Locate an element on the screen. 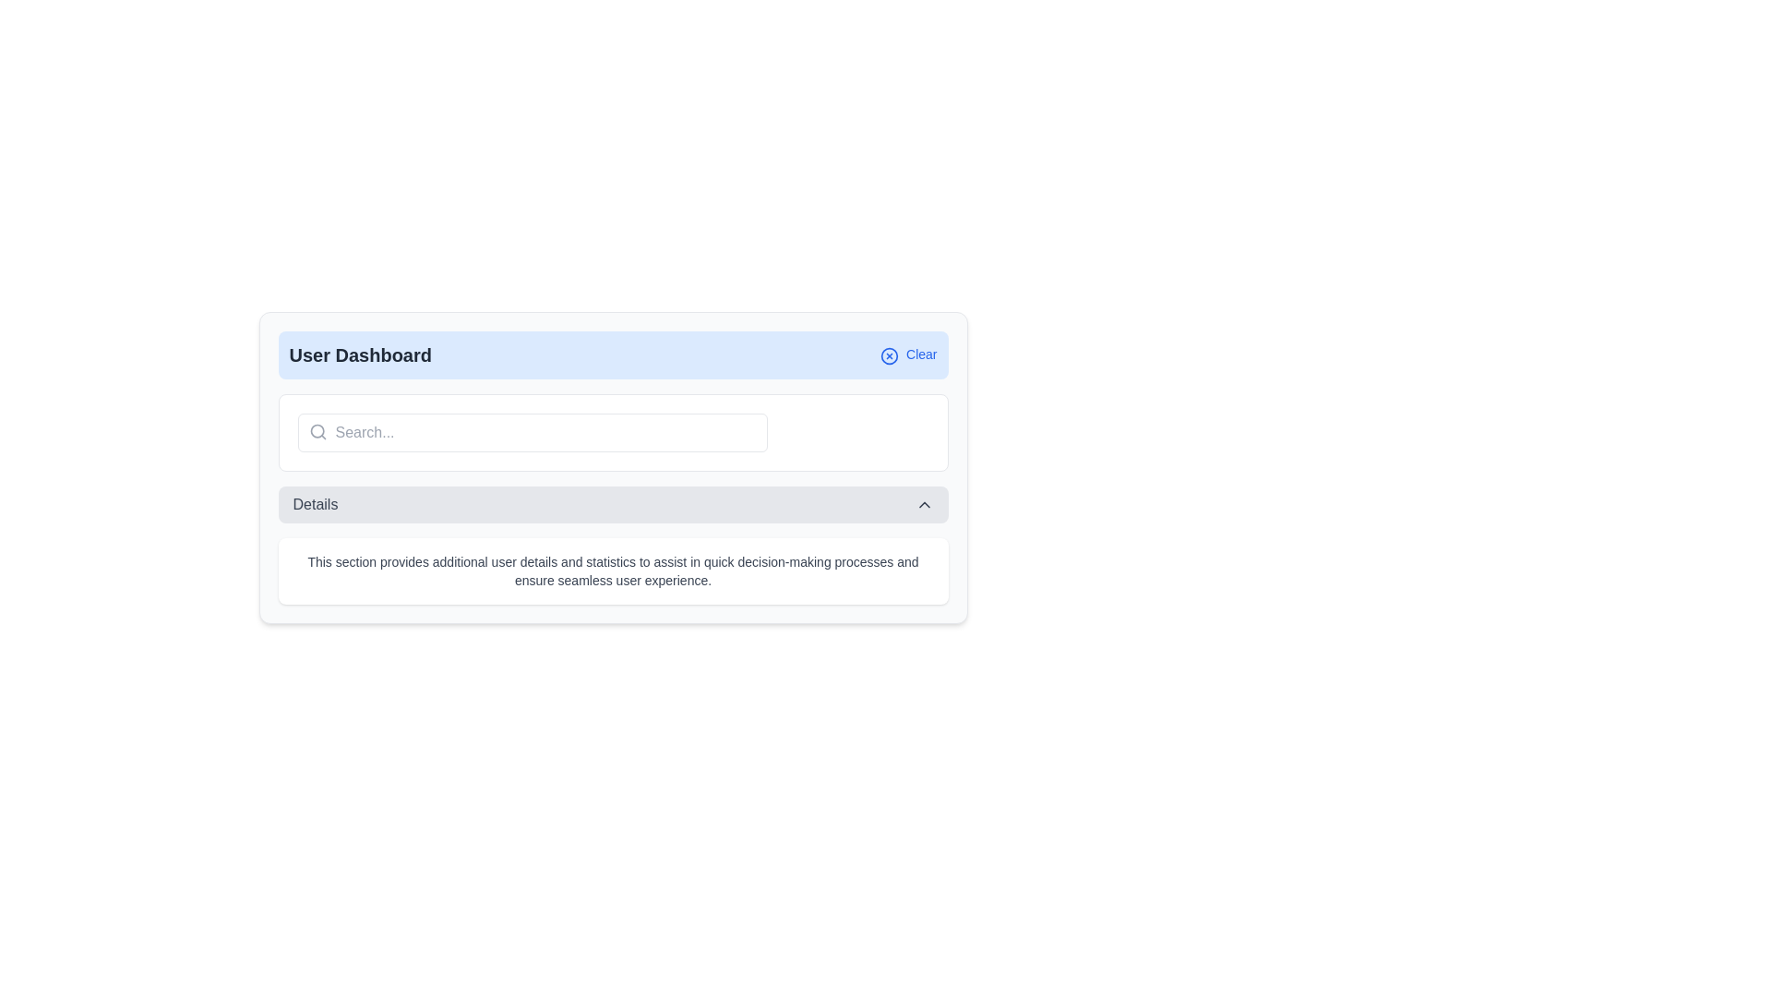 The width and height of the screenshot is (1772, 997). the close button represented by the SVG Circle Element in the top-right corner of the User Dashboard is located at coordinates (890, 355).